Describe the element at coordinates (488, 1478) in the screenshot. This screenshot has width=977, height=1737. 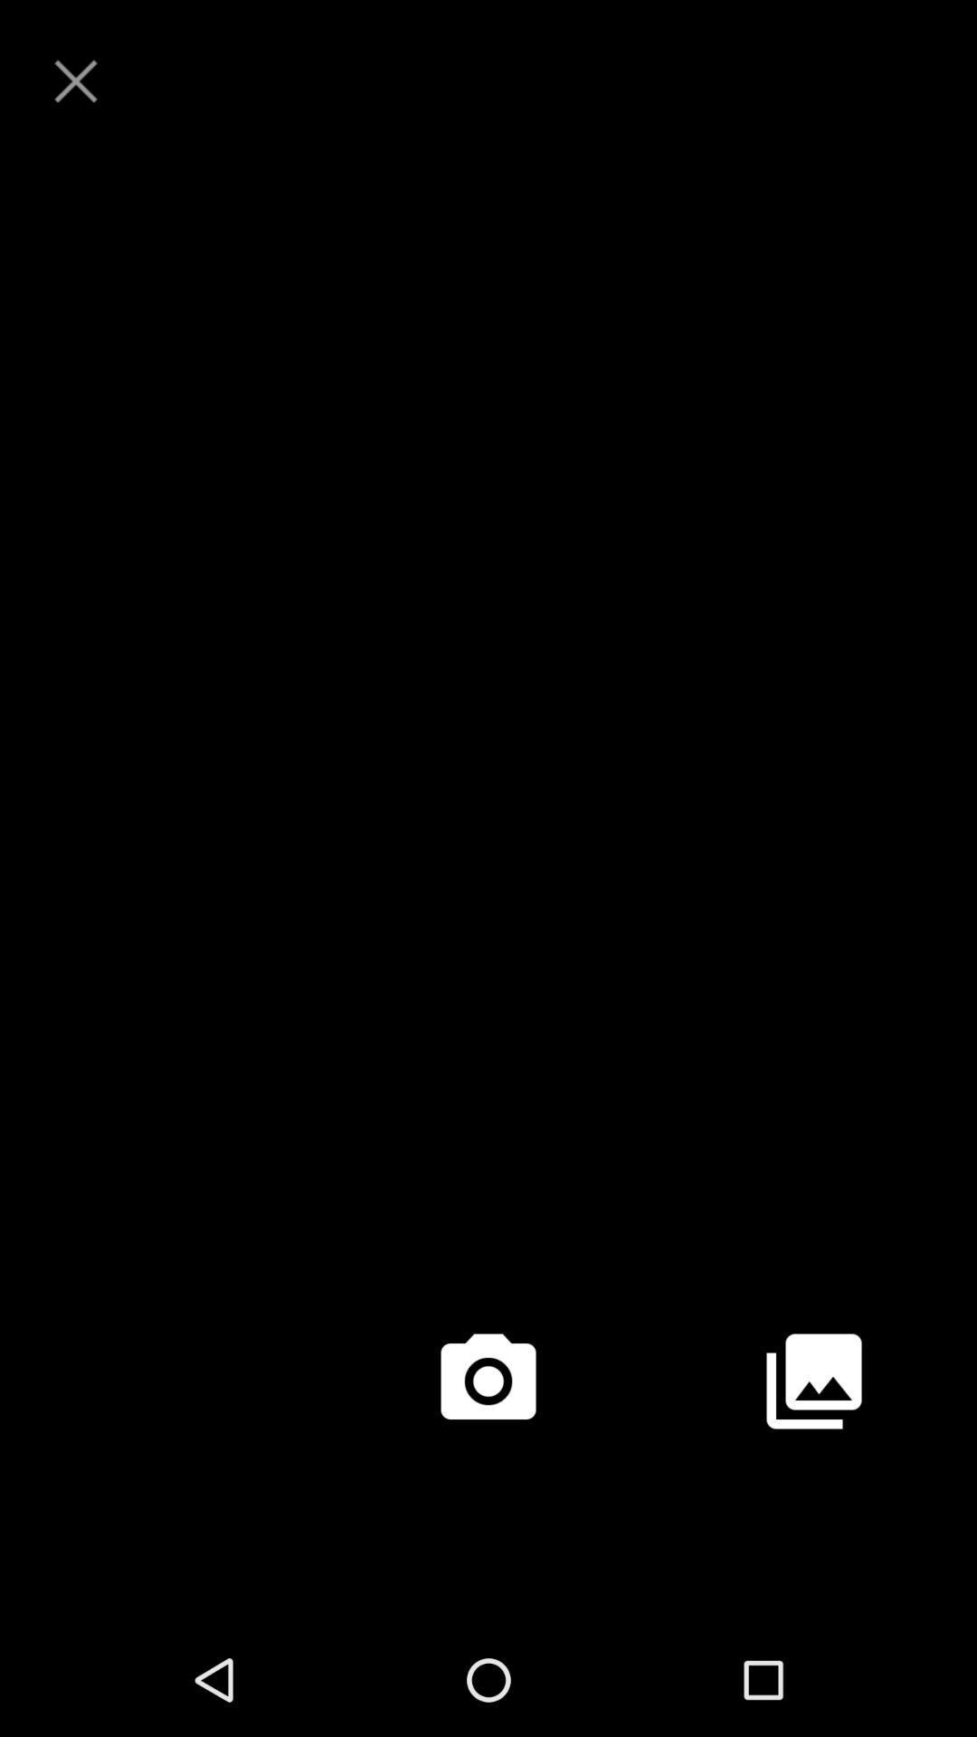
I see `the photo icon` at that location.